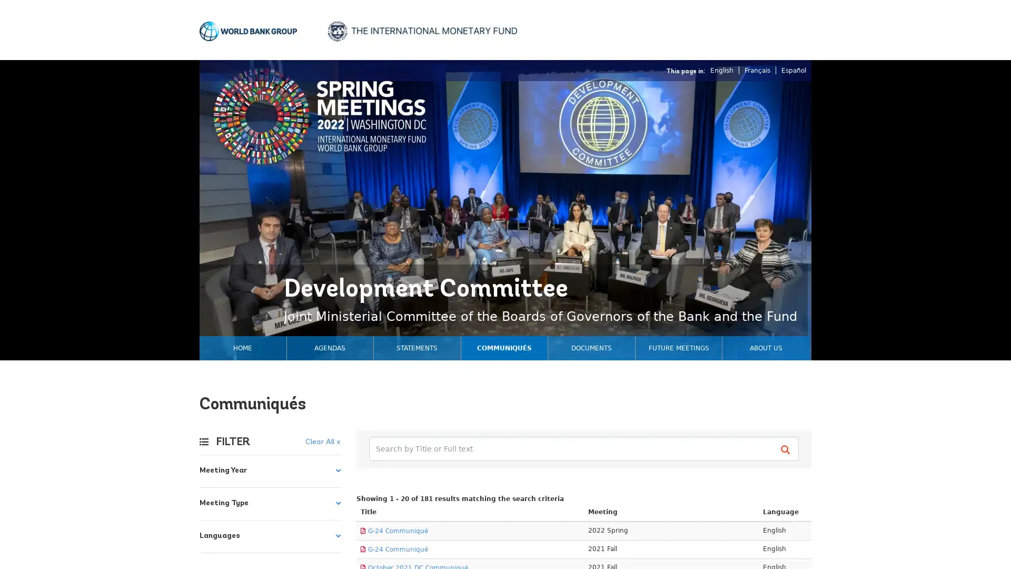 This screenshot has height=569, width=1011. Describe the element at coordinates (270, 503) in the screenshot. I see `Meeting Type` at that location.